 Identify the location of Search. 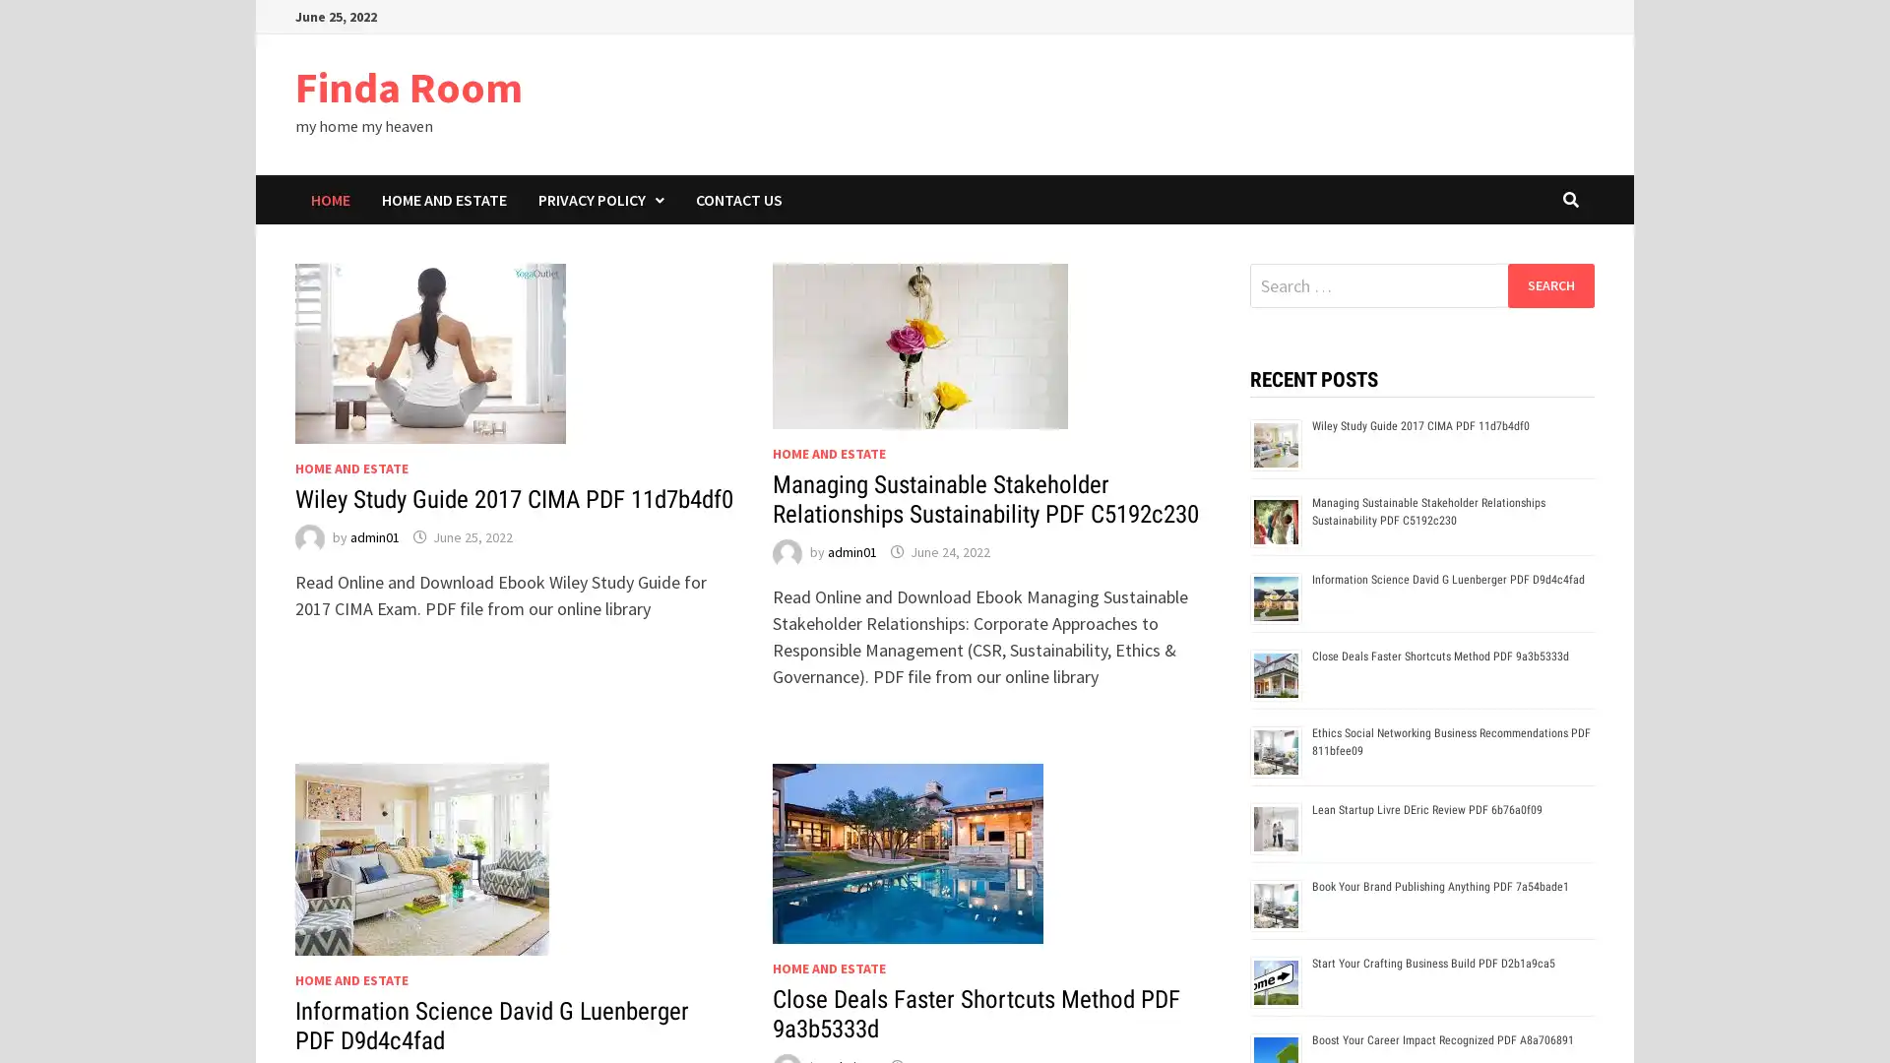
(1549, 284).